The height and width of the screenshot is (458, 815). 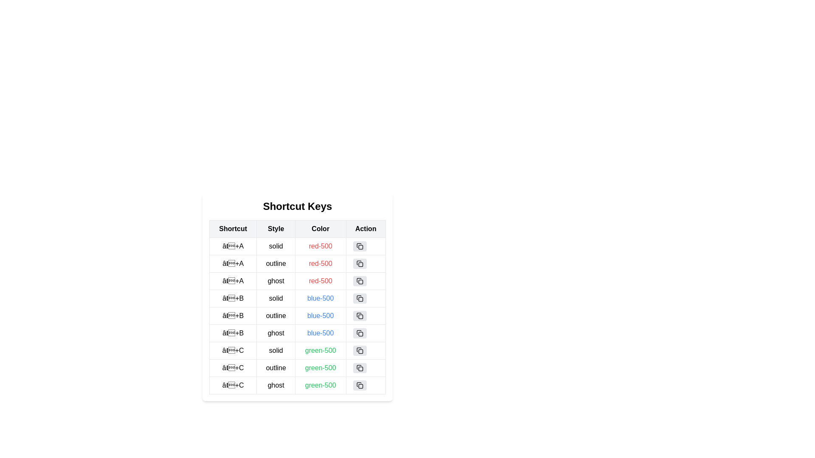 What do you see at coordinates (359, 297) in the screenshot?
I see `the action icon in the second row of the 'Action' column, which indicates copying or duplicating functionality` at bounding box center [359, 297].